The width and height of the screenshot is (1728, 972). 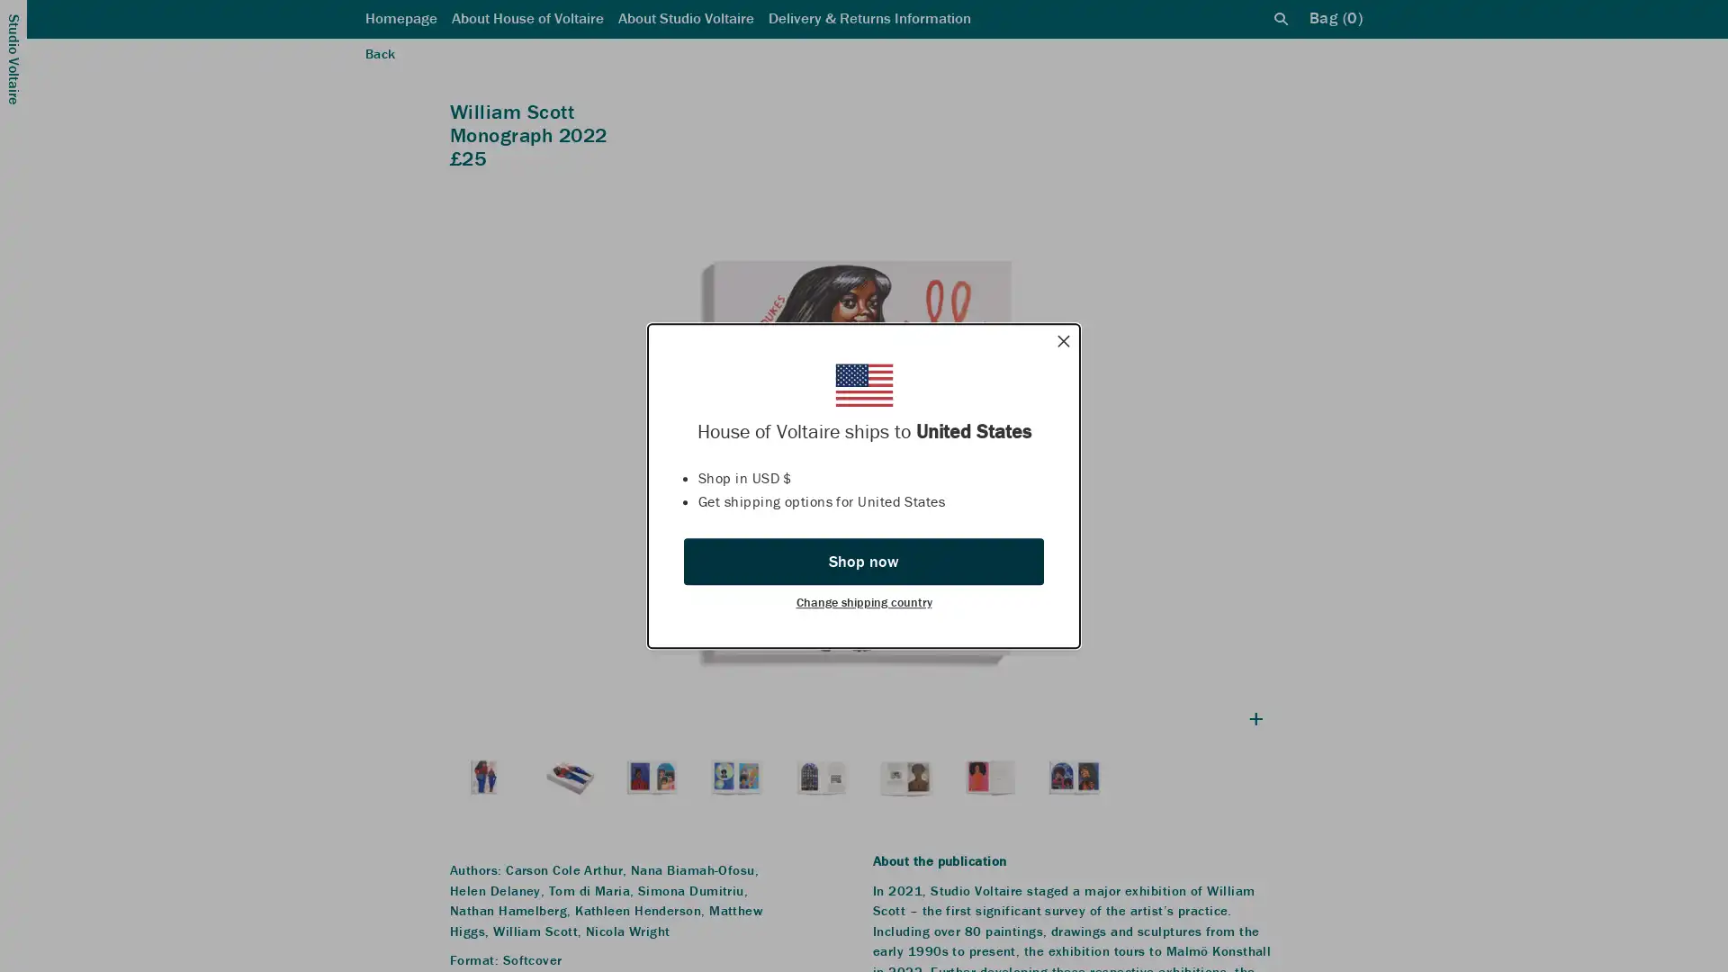 I want to click on Dismiss, so click(x=1063, y=343).